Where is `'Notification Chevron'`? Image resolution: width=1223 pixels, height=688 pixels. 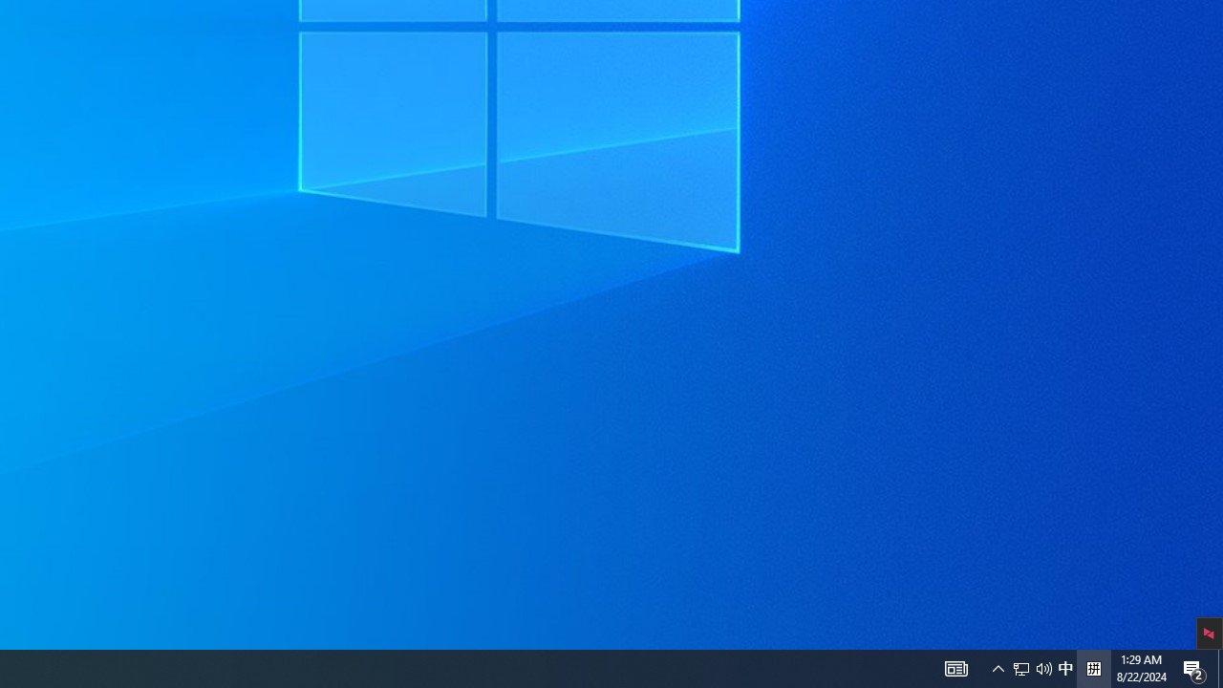 'Notification Chevron' is located at coordinates (1020, 667).